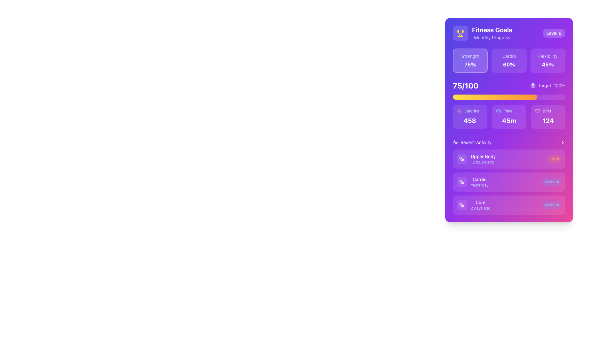 This screenshot has width=614, height=345. Describe the element at coordinates (509, 177) in the screenshot. I see `the details of the second 'Cardio' activity card in the 'Recent Activity' list, which summarizes a medium intensity exercise performed yesterday` at that location.